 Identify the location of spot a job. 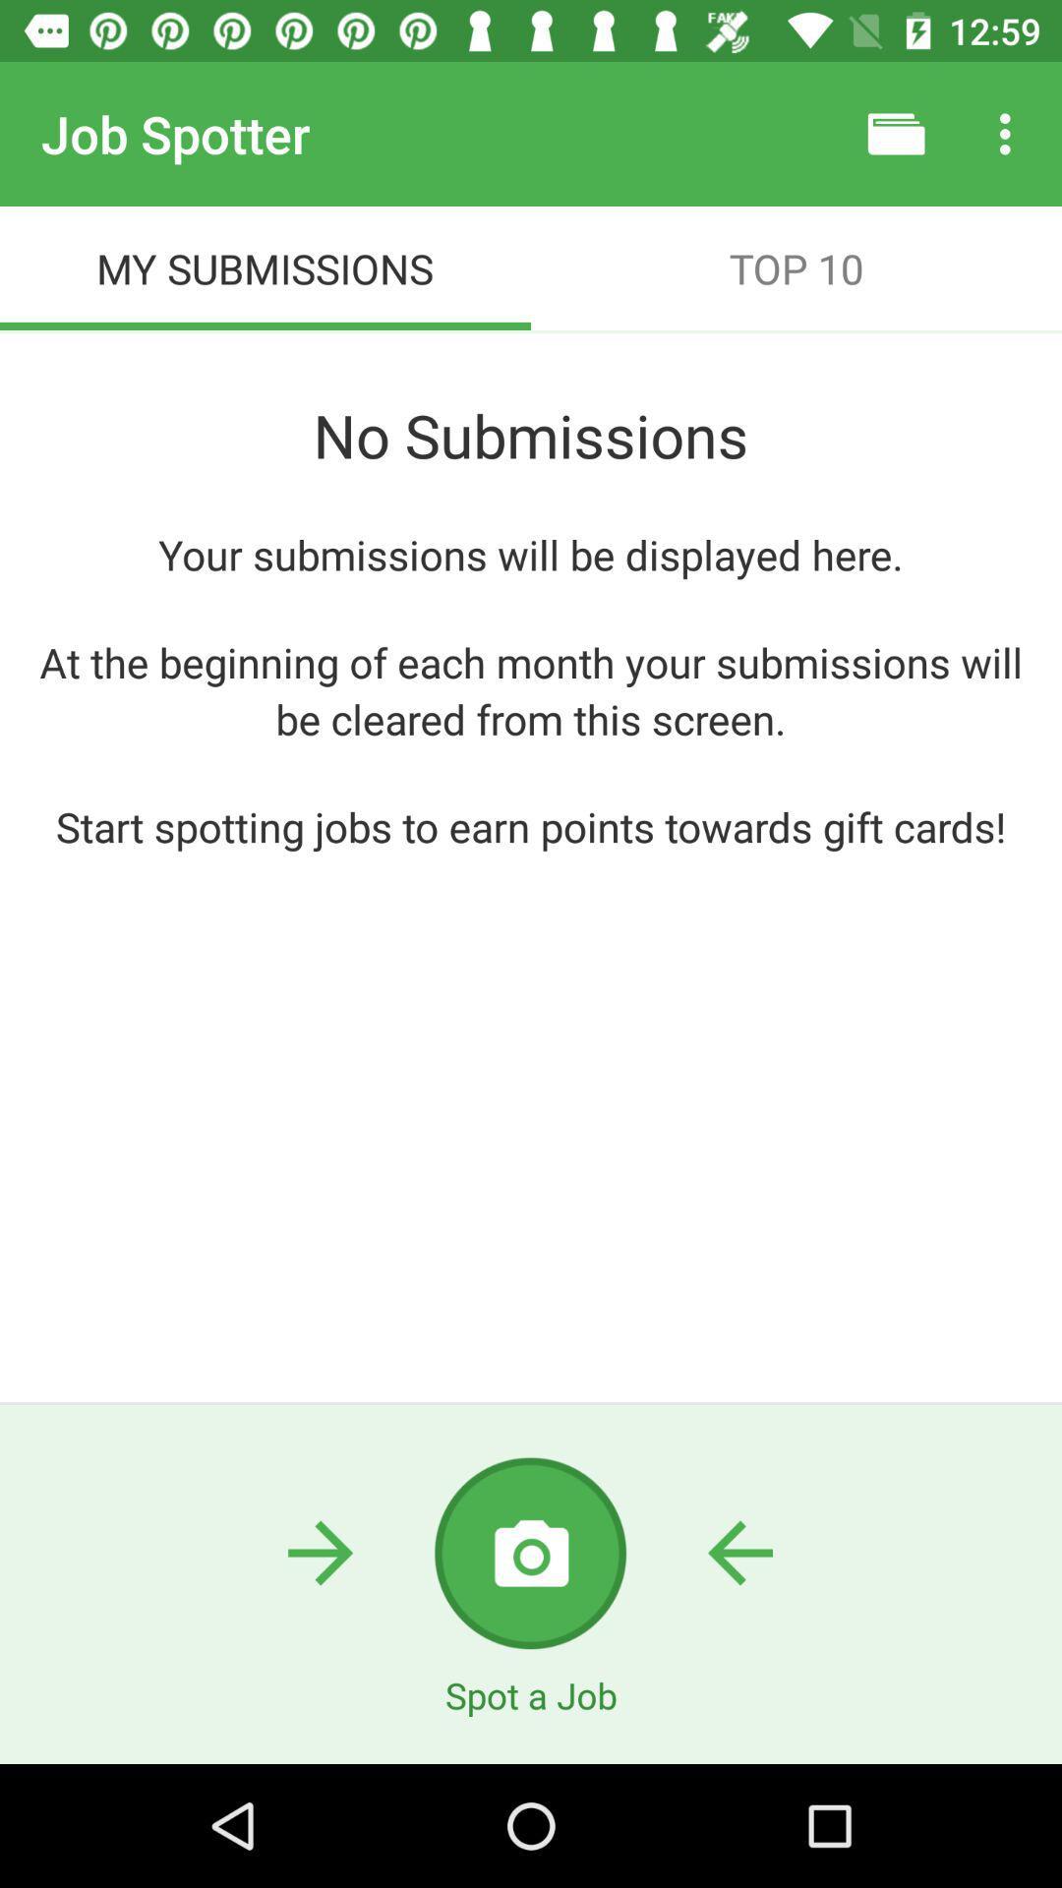
(529, 1552).